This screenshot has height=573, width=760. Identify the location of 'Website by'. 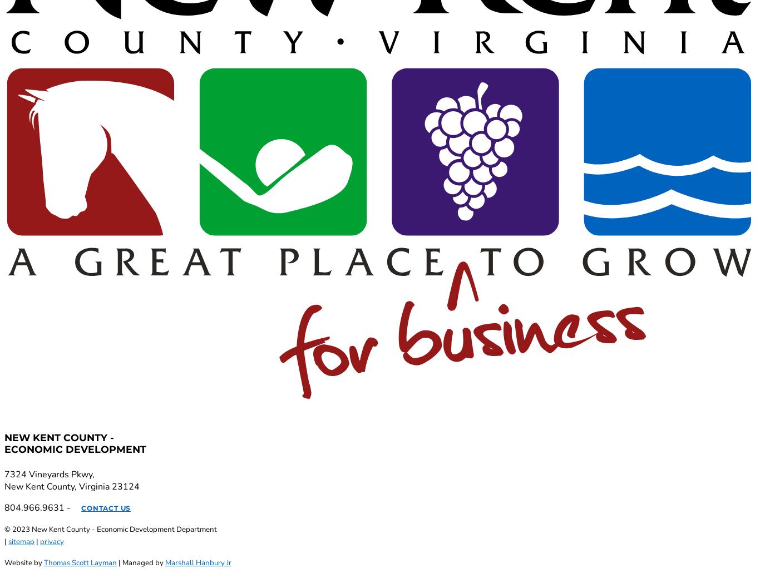
(4, 562).